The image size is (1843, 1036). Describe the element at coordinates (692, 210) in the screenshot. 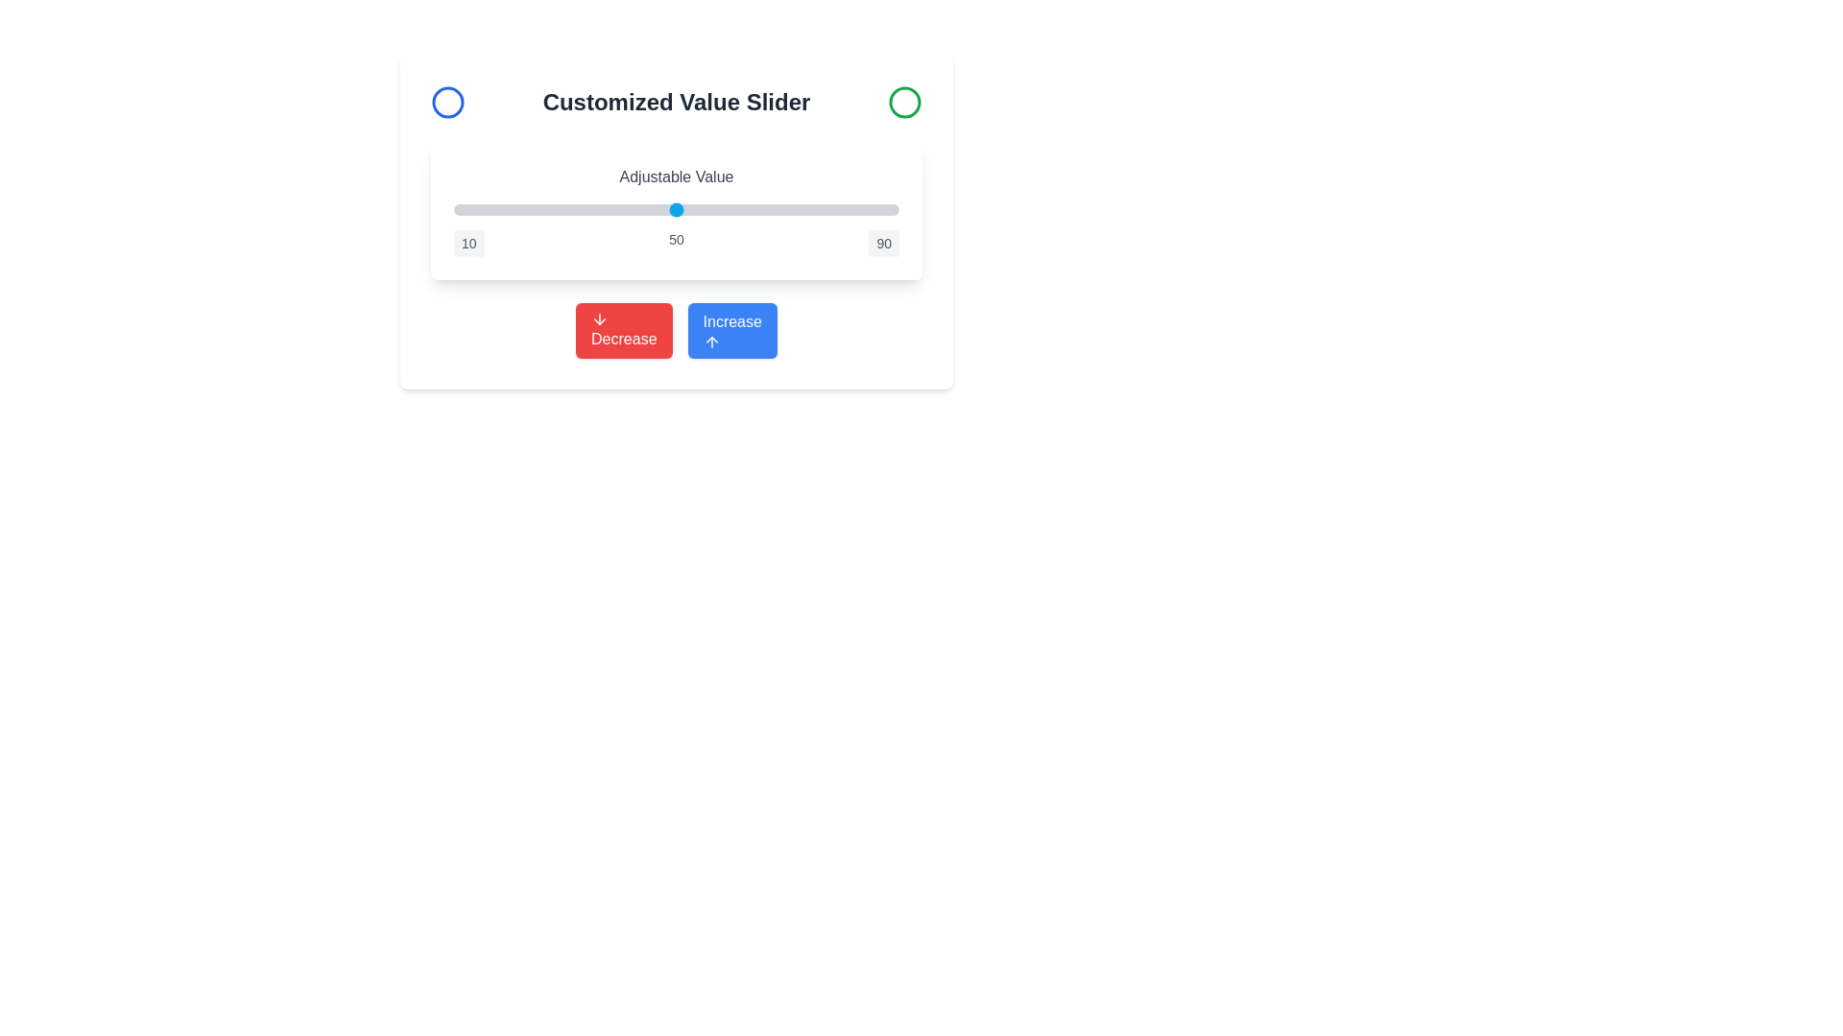

I see `the slider's value` at that location.